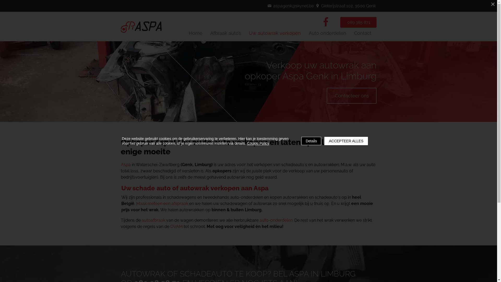 The width and height of the screenshot is (501, 282). What do you see at coordinates (346, 141) in the screenshot?
I see `'ACCEPTEER ALLES'` at bounding box center [346, 141].